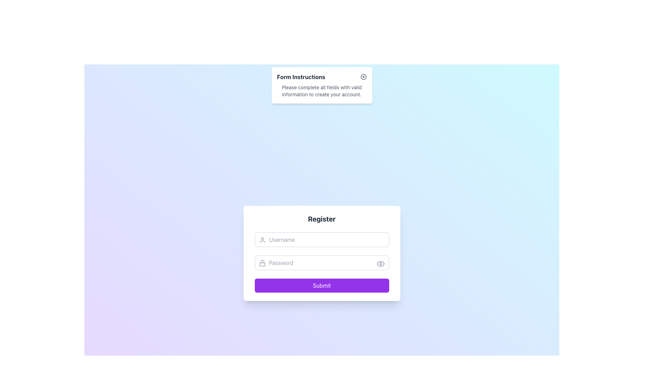  Describe the element at coordinates (363, 77) in the screenshot. I see `the small circular gray button containing a cross ('X') symbol located to the right of the 'Form Instructions' text` at that location.